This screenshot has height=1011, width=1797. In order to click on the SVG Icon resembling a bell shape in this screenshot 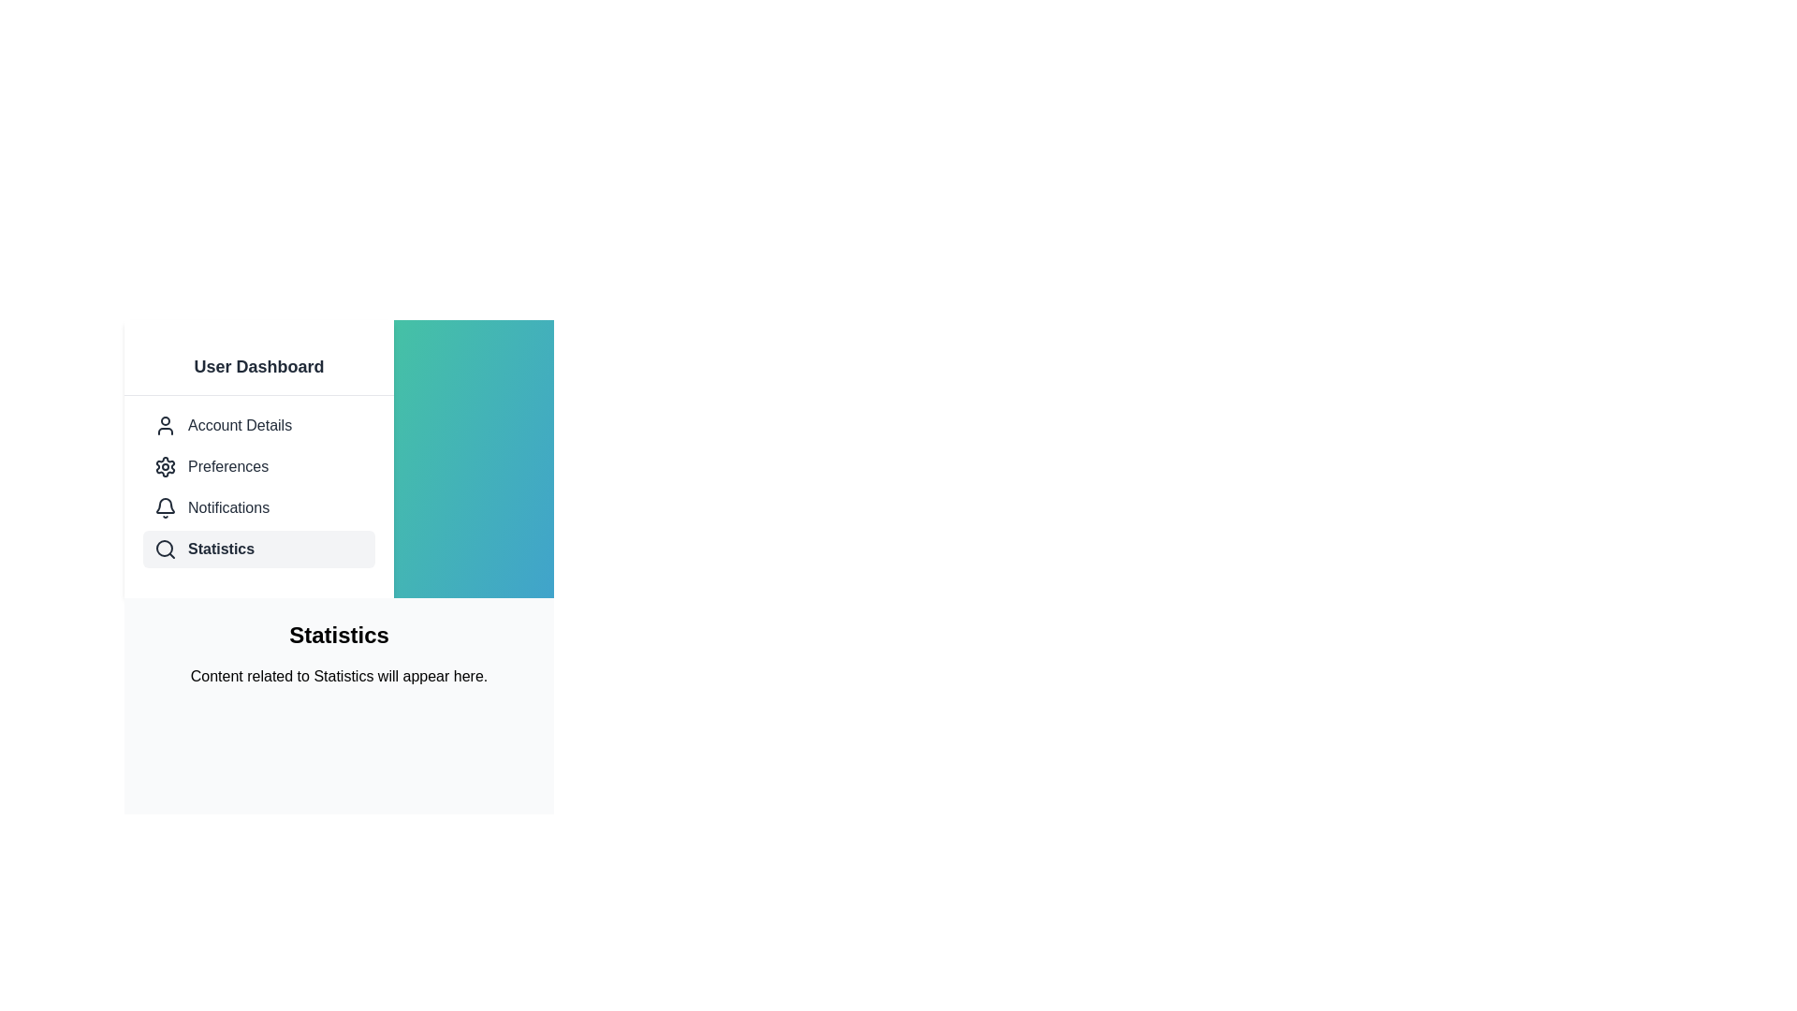, I will do `click(166, 508)`.